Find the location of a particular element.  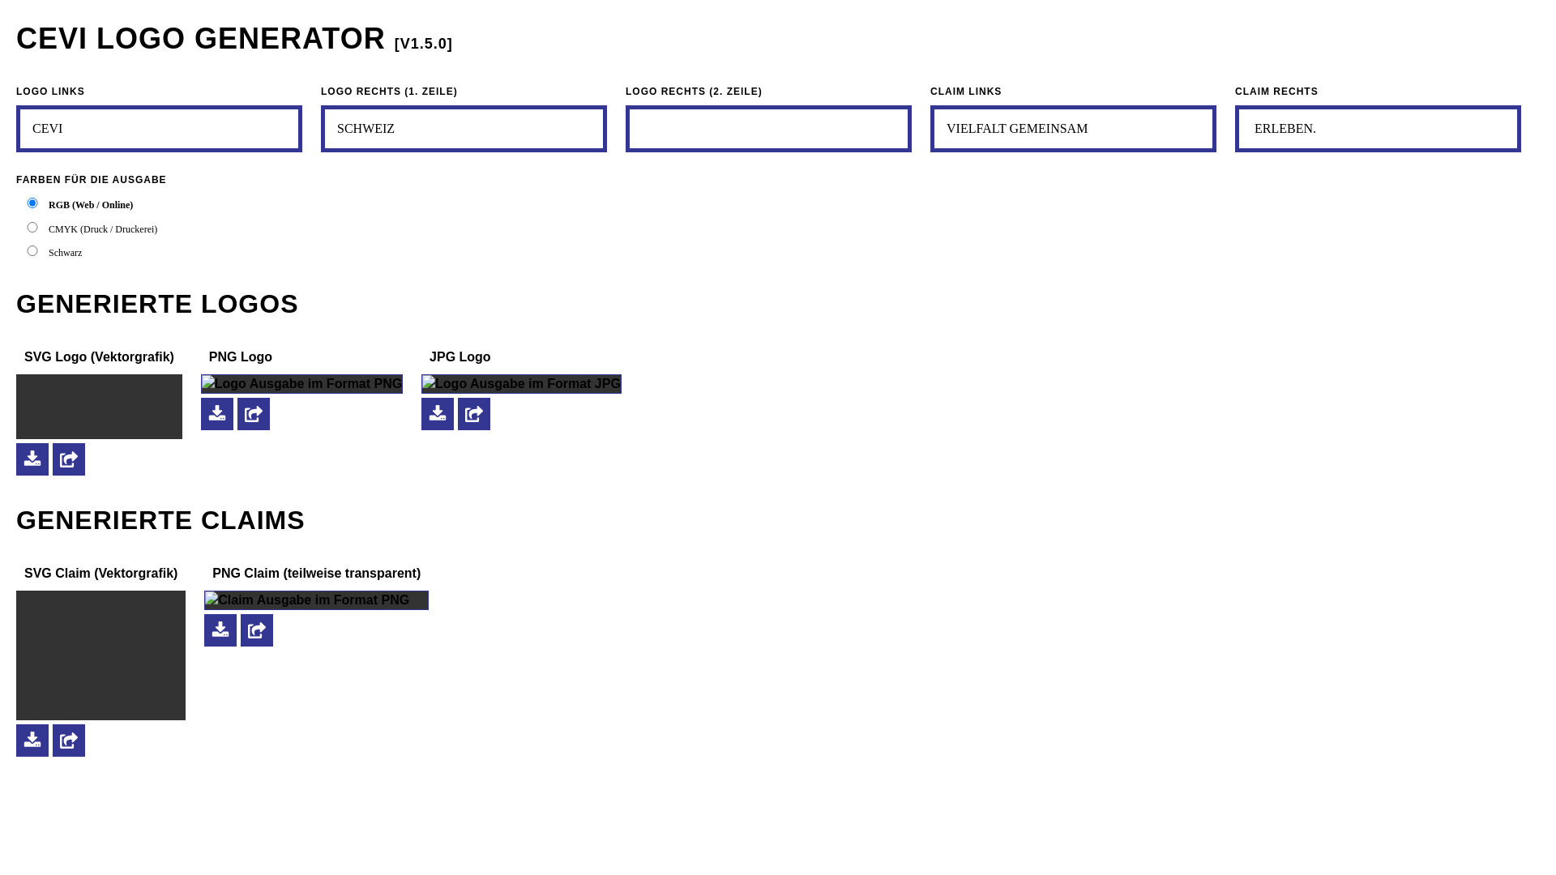

'Share PNG Claim' is located at coordinates (255, 630).